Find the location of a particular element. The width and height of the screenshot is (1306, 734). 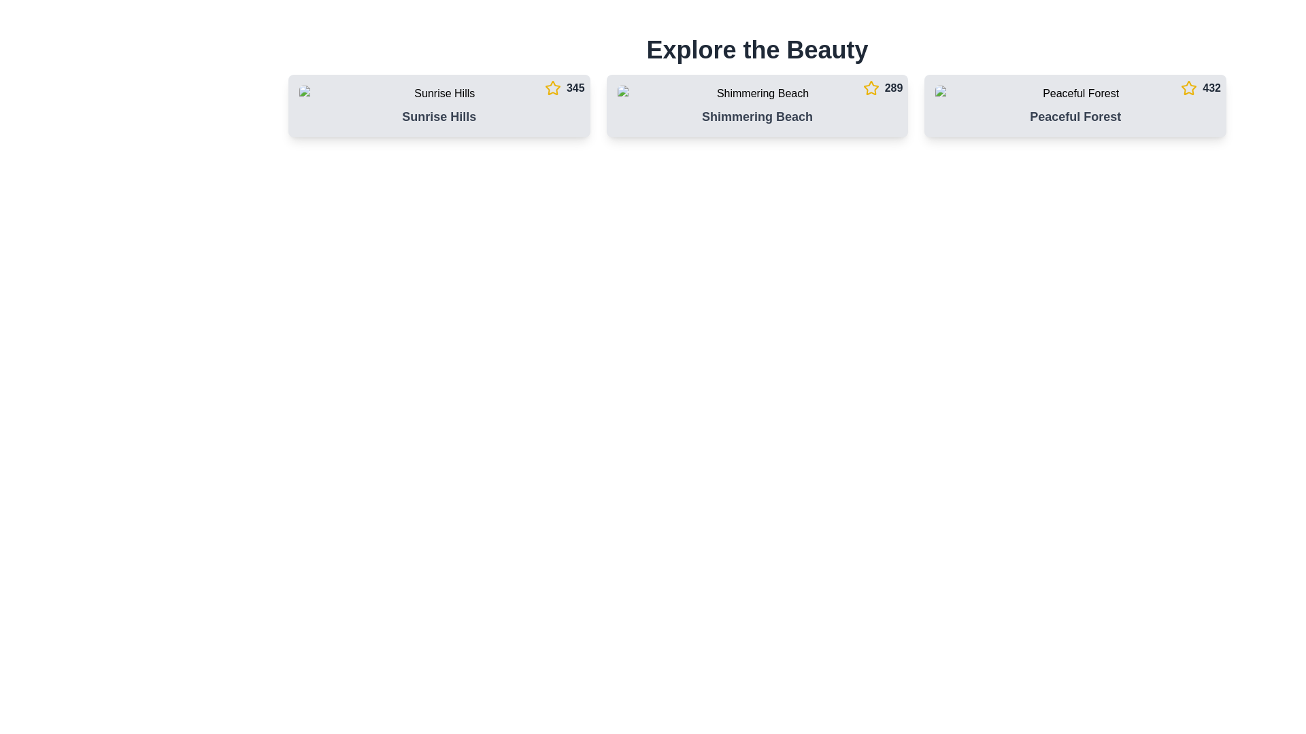

the rating display element featuring a star icon with a yellow outline and the number '345' in bold, dark text located in the top-right corner of the 'Sunrise Hills' card is located at coordinates (565, 88).